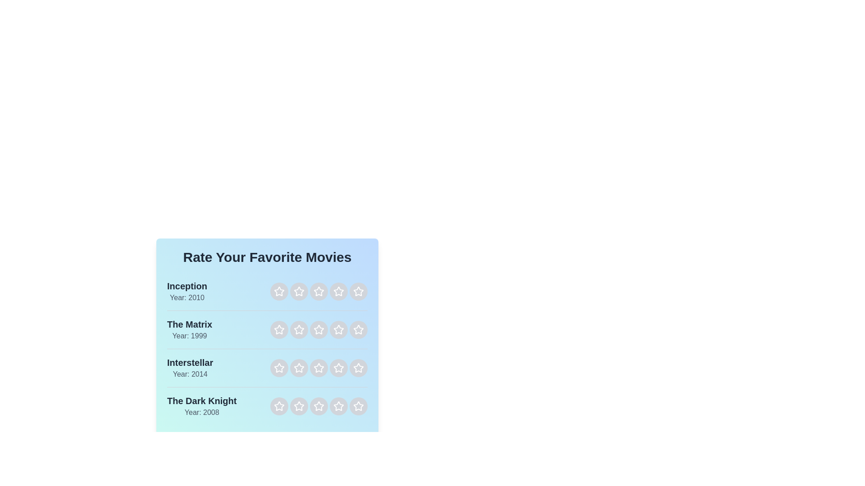  What do you see at coordinates (186, 292) in the screenshot?
I see `the details of the movie Inception` at bounding box center [186, 292].